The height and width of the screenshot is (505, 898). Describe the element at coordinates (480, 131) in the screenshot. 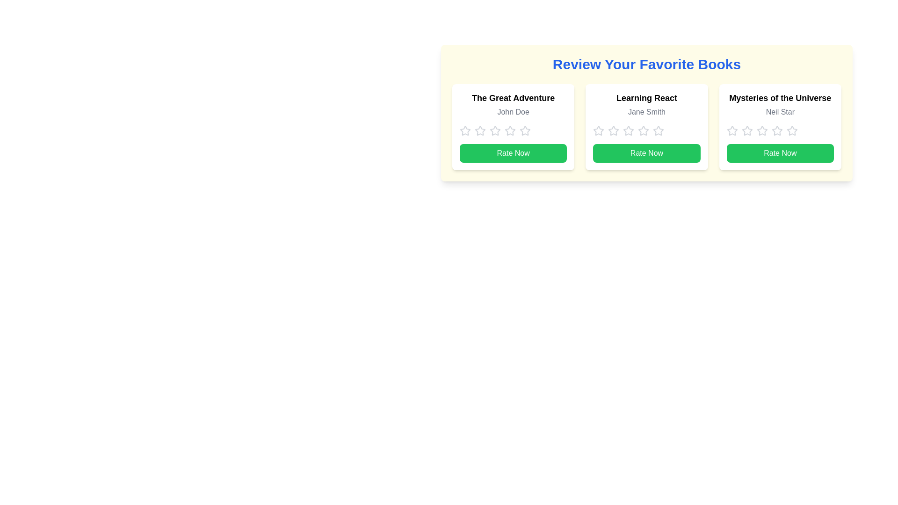

I see `the second hollow star icon in the rating system below the title 'The Great Adventure'` at that location.